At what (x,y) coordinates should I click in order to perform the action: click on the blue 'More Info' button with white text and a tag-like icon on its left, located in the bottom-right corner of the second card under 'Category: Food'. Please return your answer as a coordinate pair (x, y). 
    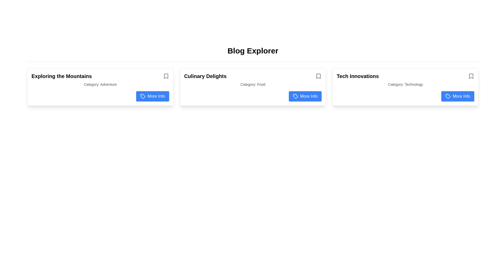
    Looking at the image, I should click on (305, 96).